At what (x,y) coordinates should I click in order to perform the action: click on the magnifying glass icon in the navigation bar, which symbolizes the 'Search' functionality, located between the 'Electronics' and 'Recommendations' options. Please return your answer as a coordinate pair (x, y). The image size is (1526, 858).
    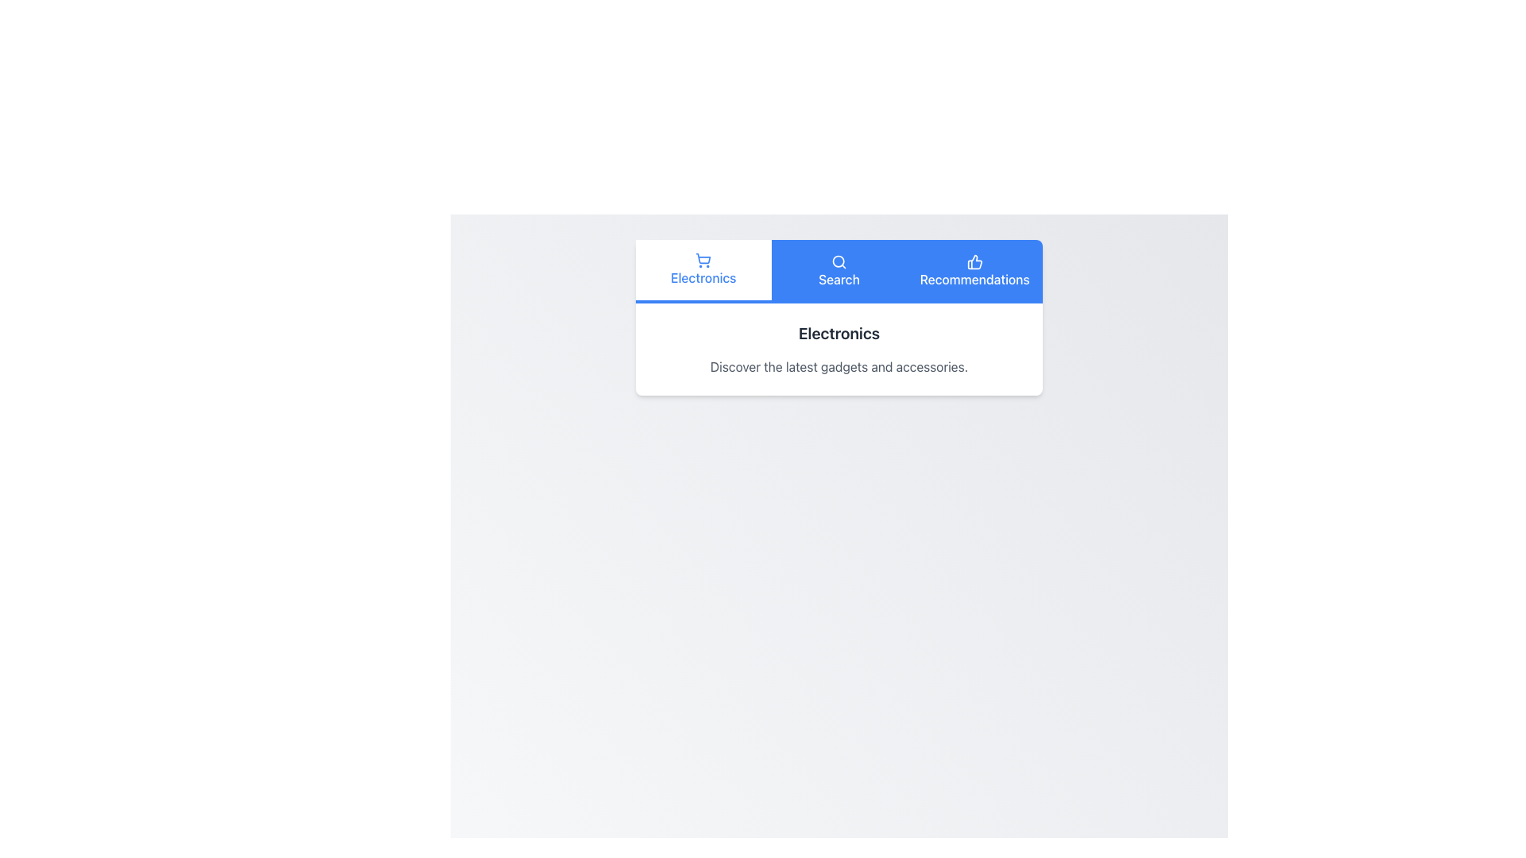
    Looking at the image, I should click on (839, 261).